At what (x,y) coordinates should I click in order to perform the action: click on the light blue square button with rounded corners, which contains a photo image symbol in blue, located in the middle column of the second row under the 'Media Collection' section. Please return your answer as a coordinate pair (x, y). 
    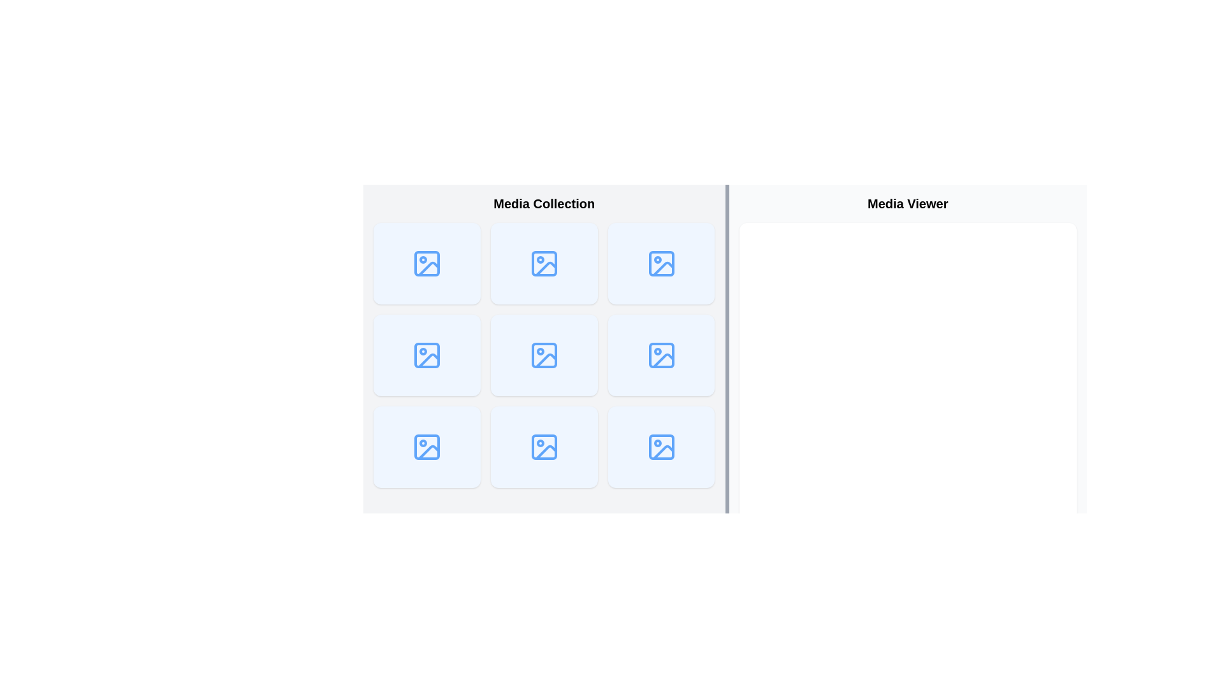
    Looking at the image, I should click on (544, 355).